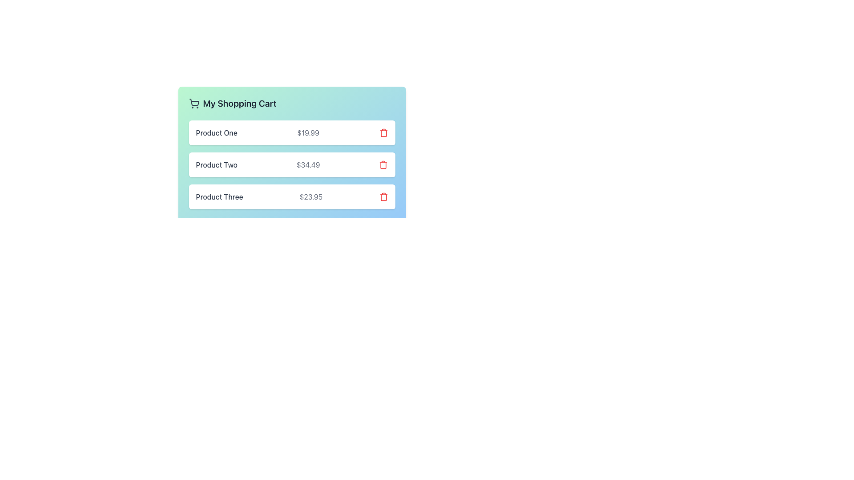 The image size is (854, 480). What do you see at coordinates (193, 102) in the screenshot?
I see `the base structure of the shopping cart icon, which is part of the icon resembling a shopping cart located to the left of the text 'My Shopping Cart'` at bounding box center [193, 102].